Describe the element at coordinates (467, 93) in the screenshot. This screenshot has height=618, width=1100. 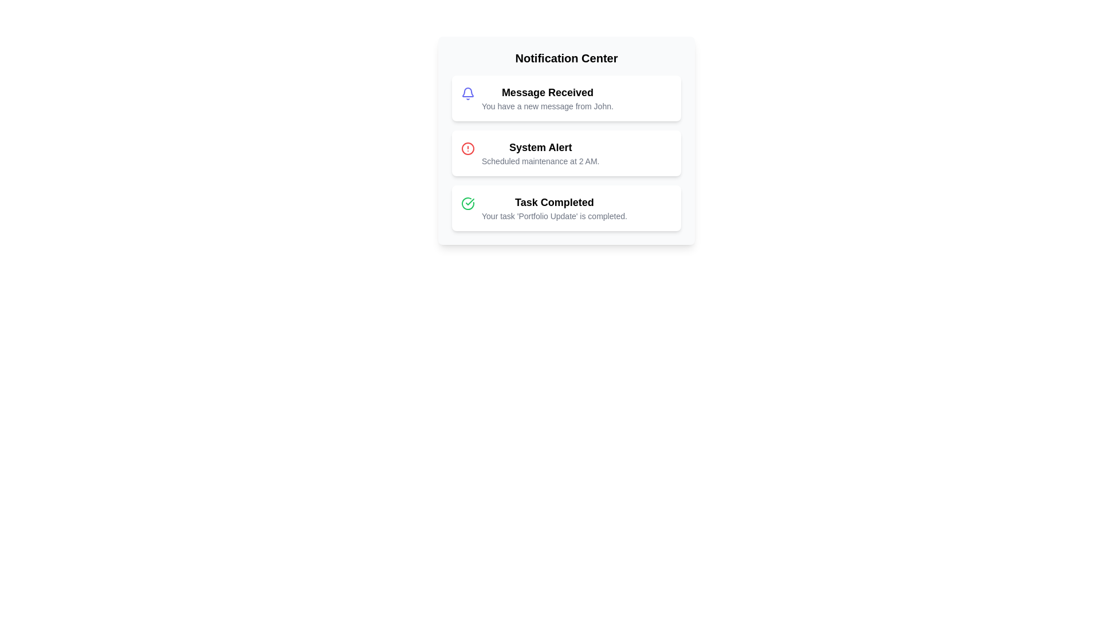
I see `the icon associated with the notification's status for Message Received` at that location.